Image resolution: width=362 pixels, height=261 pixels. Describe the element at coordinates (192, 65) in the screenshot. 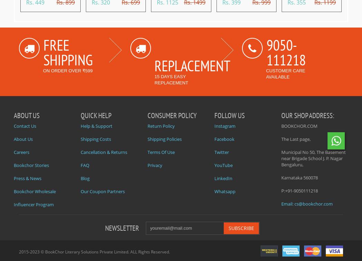

I see `'Replacement'` at that location.